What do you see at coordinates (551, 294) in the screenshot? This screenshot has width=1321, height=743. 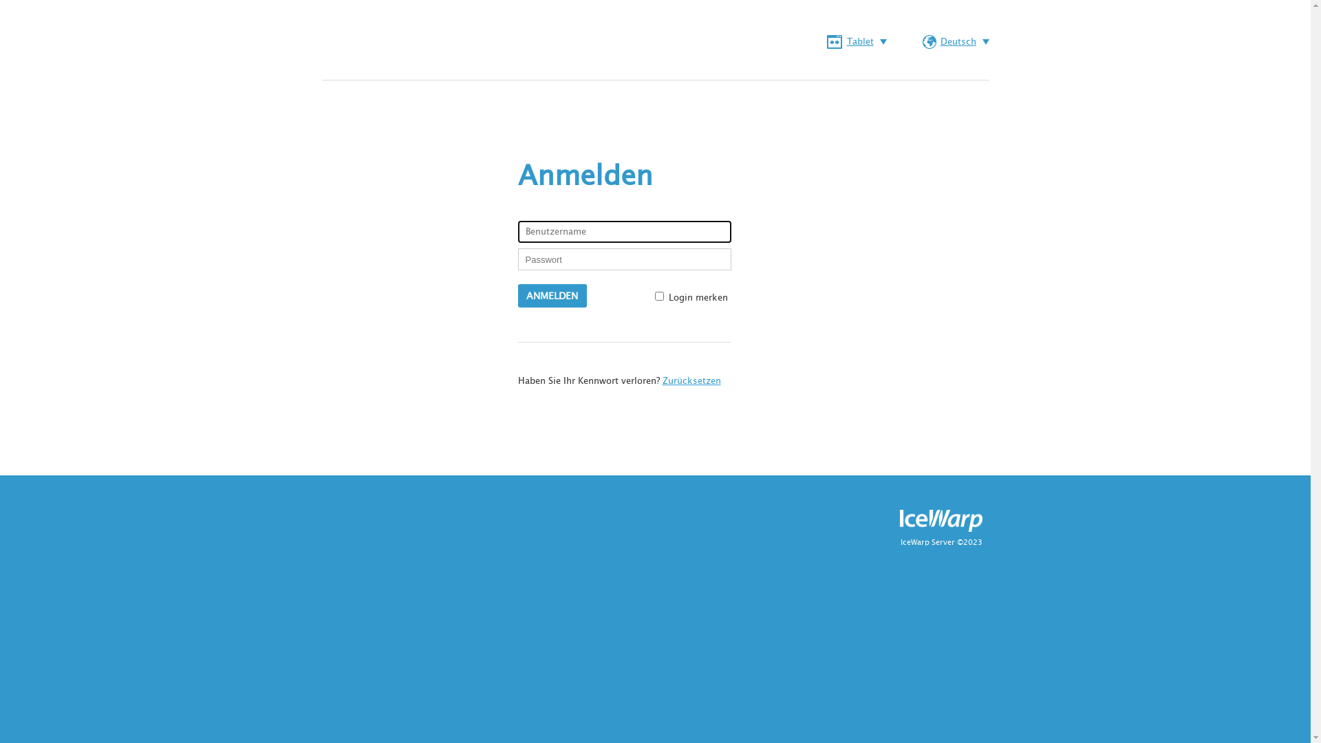 I see `'Anmelden'` at bounding box center [551, 294].